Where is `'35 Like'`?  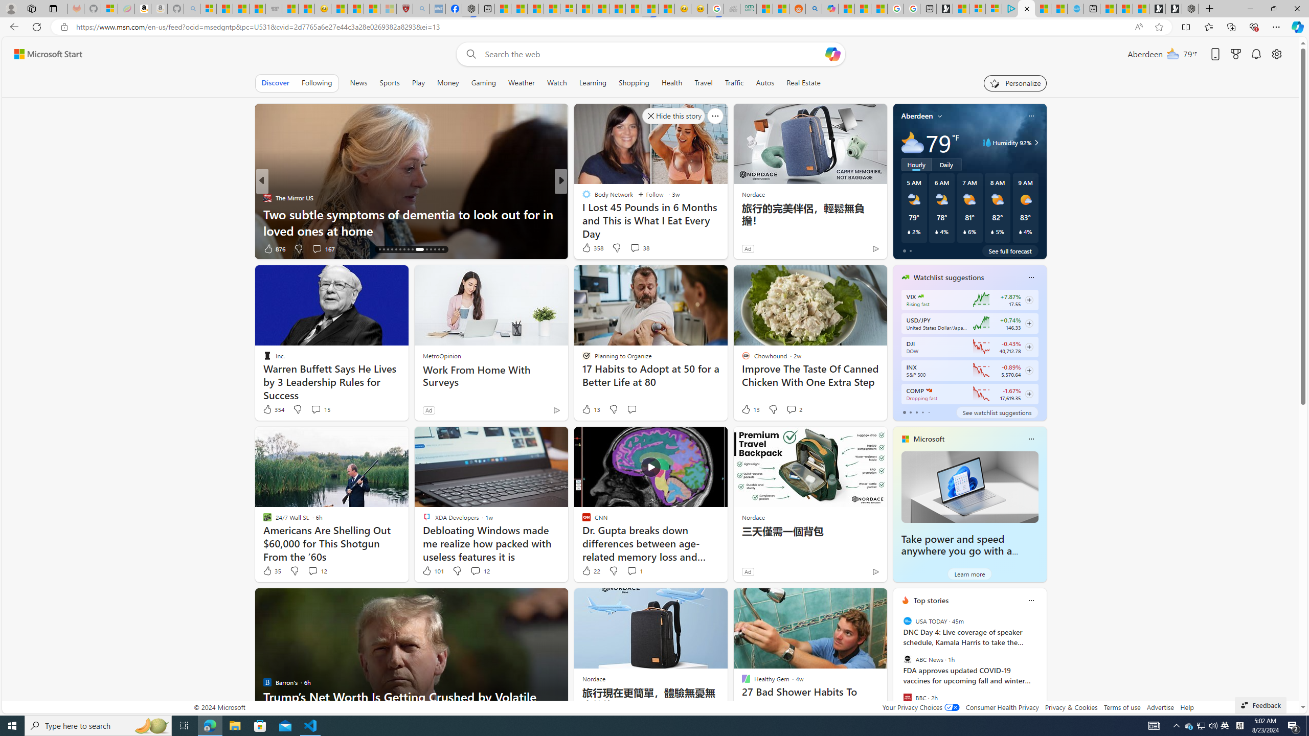 '35 Like' is located at coordinates (271, 570).